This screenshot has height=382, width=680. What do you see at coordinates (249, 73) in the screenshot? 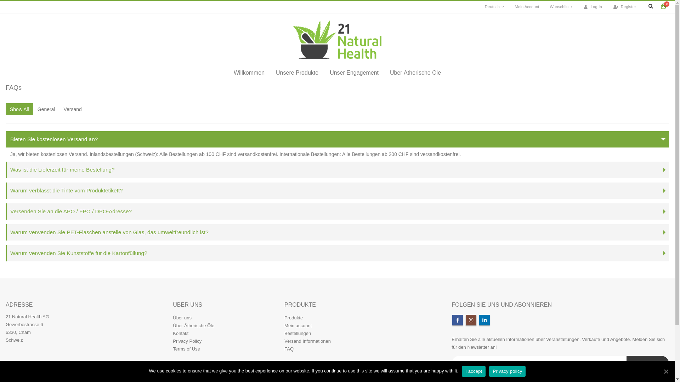
I see `'Willkommen'` at bounding box center [249, 73].